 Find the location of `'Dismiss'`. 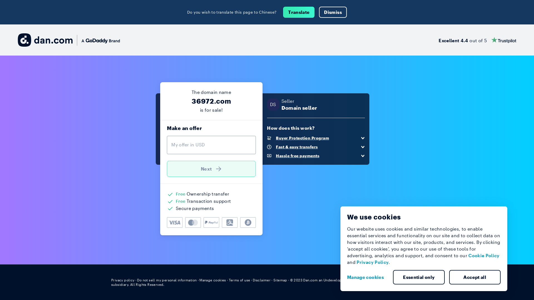

'Dismiss' is located at coordinates (333, 12).